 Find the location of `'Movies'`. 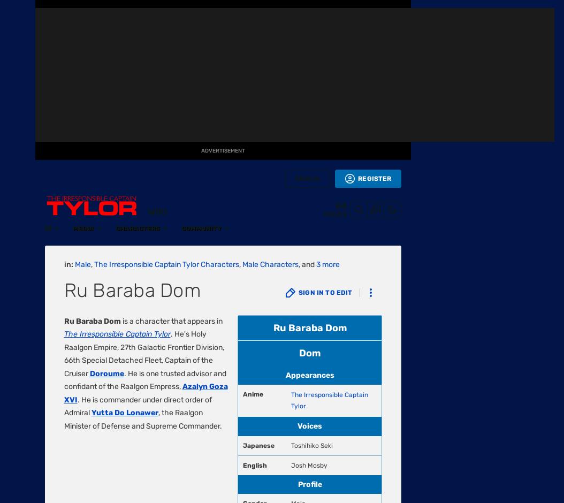

'Movies' is located at coordinates (17, 230).